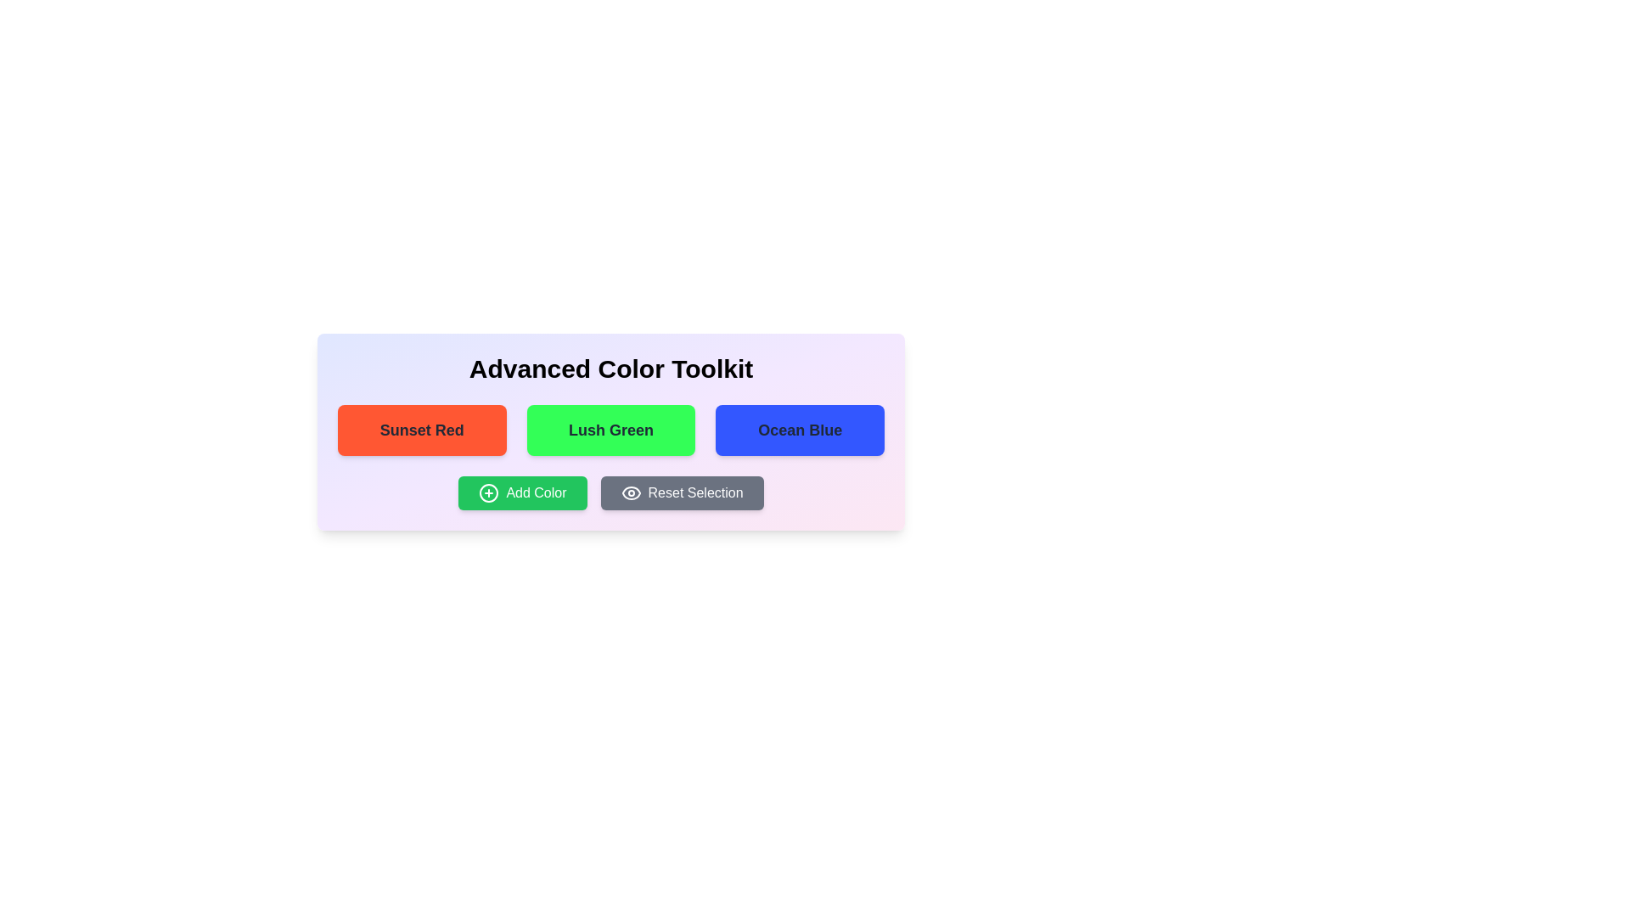 This screenshot has width=1630, height=917. Describe the element at coordinates (799, 429) in the screenshot. I see `the 'Ocean Blue' text label, which is displayed in a bold and large font, to trigger the tooltip` at that location.